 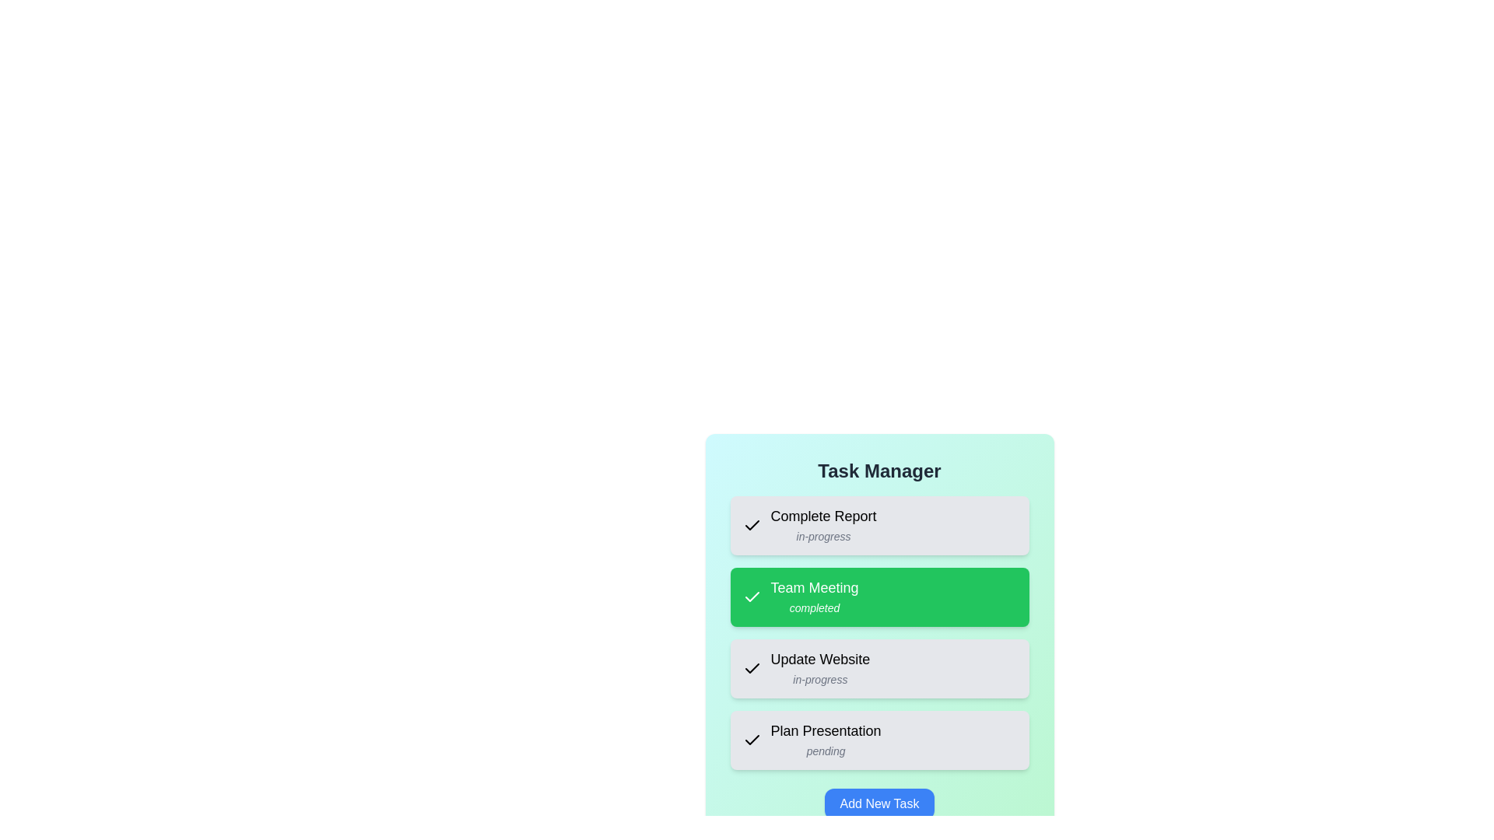 I want to click on the 'Add New Task' button to add a new task, so click(x=879, y=803).